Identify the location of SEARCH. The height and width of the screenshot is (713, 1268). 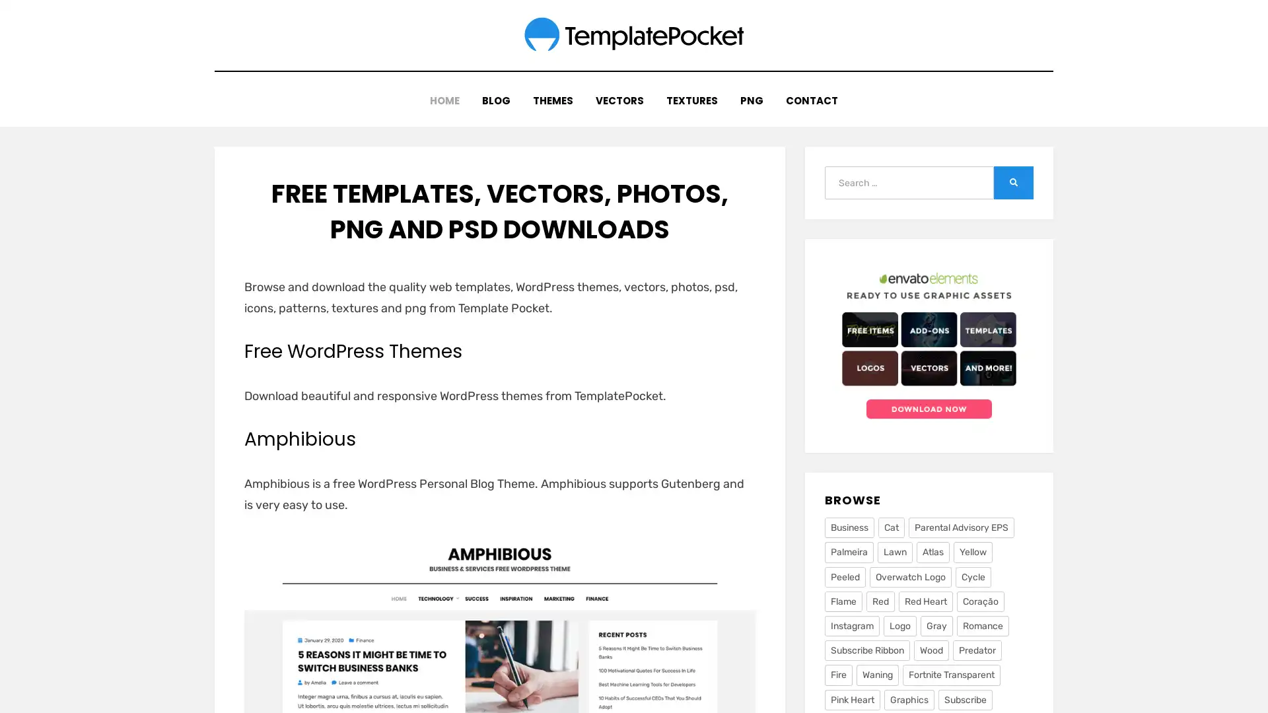
(1013, 174).